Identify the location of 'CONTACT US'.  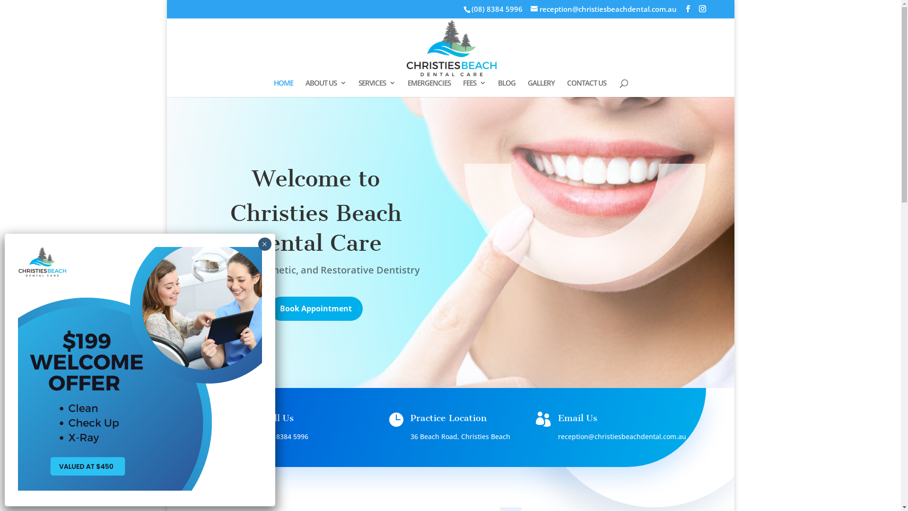
(586, 88).